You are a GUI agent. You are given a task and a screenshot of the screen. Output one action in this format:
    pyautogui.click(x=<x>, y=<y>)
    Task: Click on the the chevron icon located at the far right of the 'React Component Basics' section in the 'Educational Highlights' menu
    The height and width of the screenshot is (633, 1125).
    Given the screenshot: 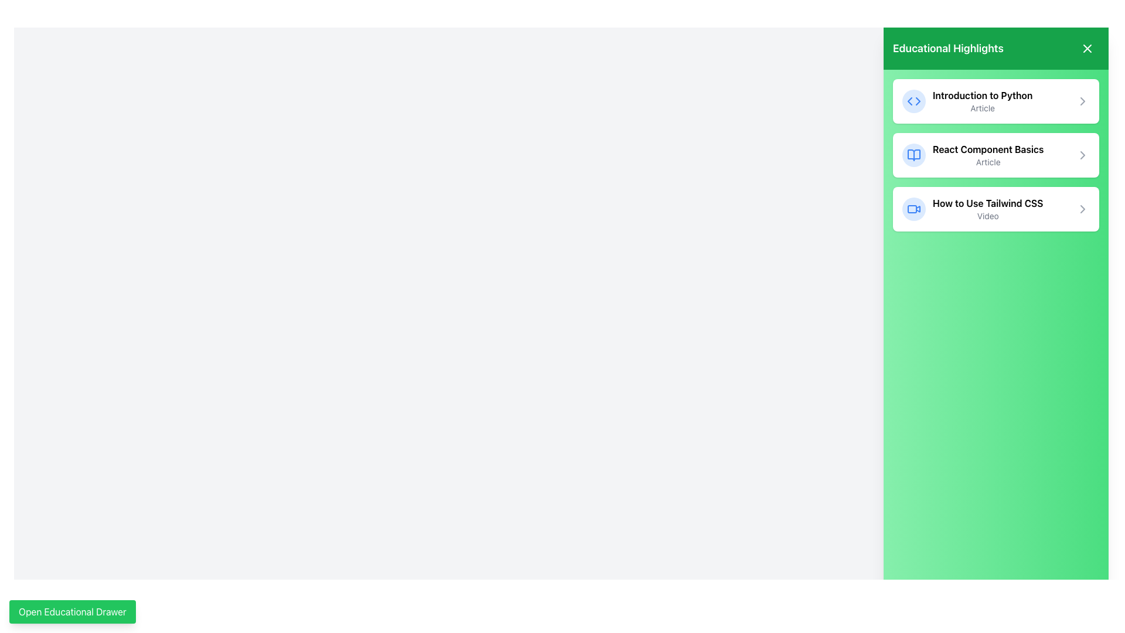 What is the action you would take?
    pyautogui.click(x=1082, y=155)
    